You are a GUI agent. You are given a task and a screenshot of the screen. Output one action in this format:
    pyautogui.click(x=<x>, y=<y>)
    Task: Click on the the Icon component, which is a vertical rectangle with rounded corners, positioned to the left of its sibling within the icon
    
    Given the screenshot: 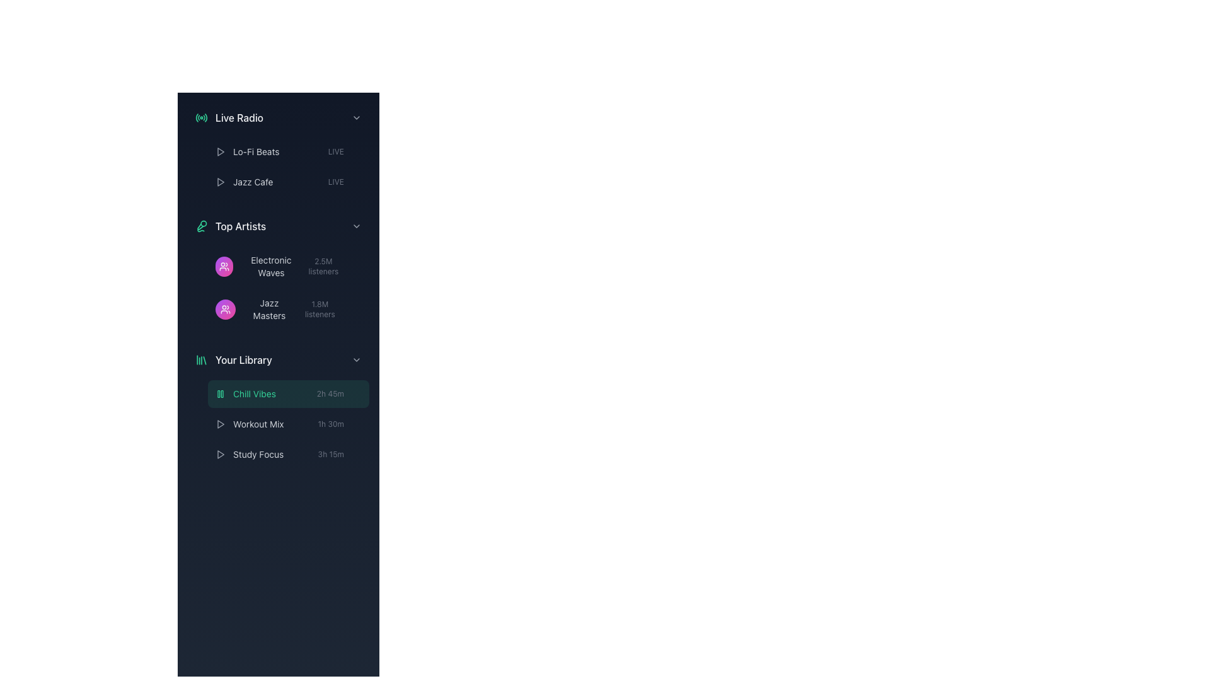 What is the action you would take?
    pyautogui.click(x=219, y=393)
    